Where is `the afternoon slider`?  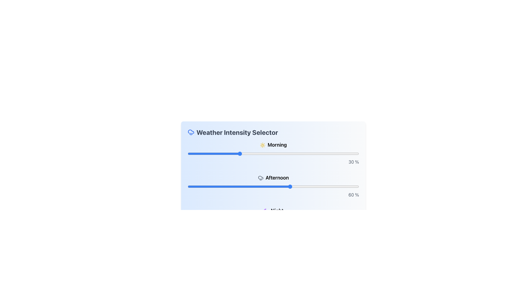
the afternoon slider is located at coordinates (325, 186).